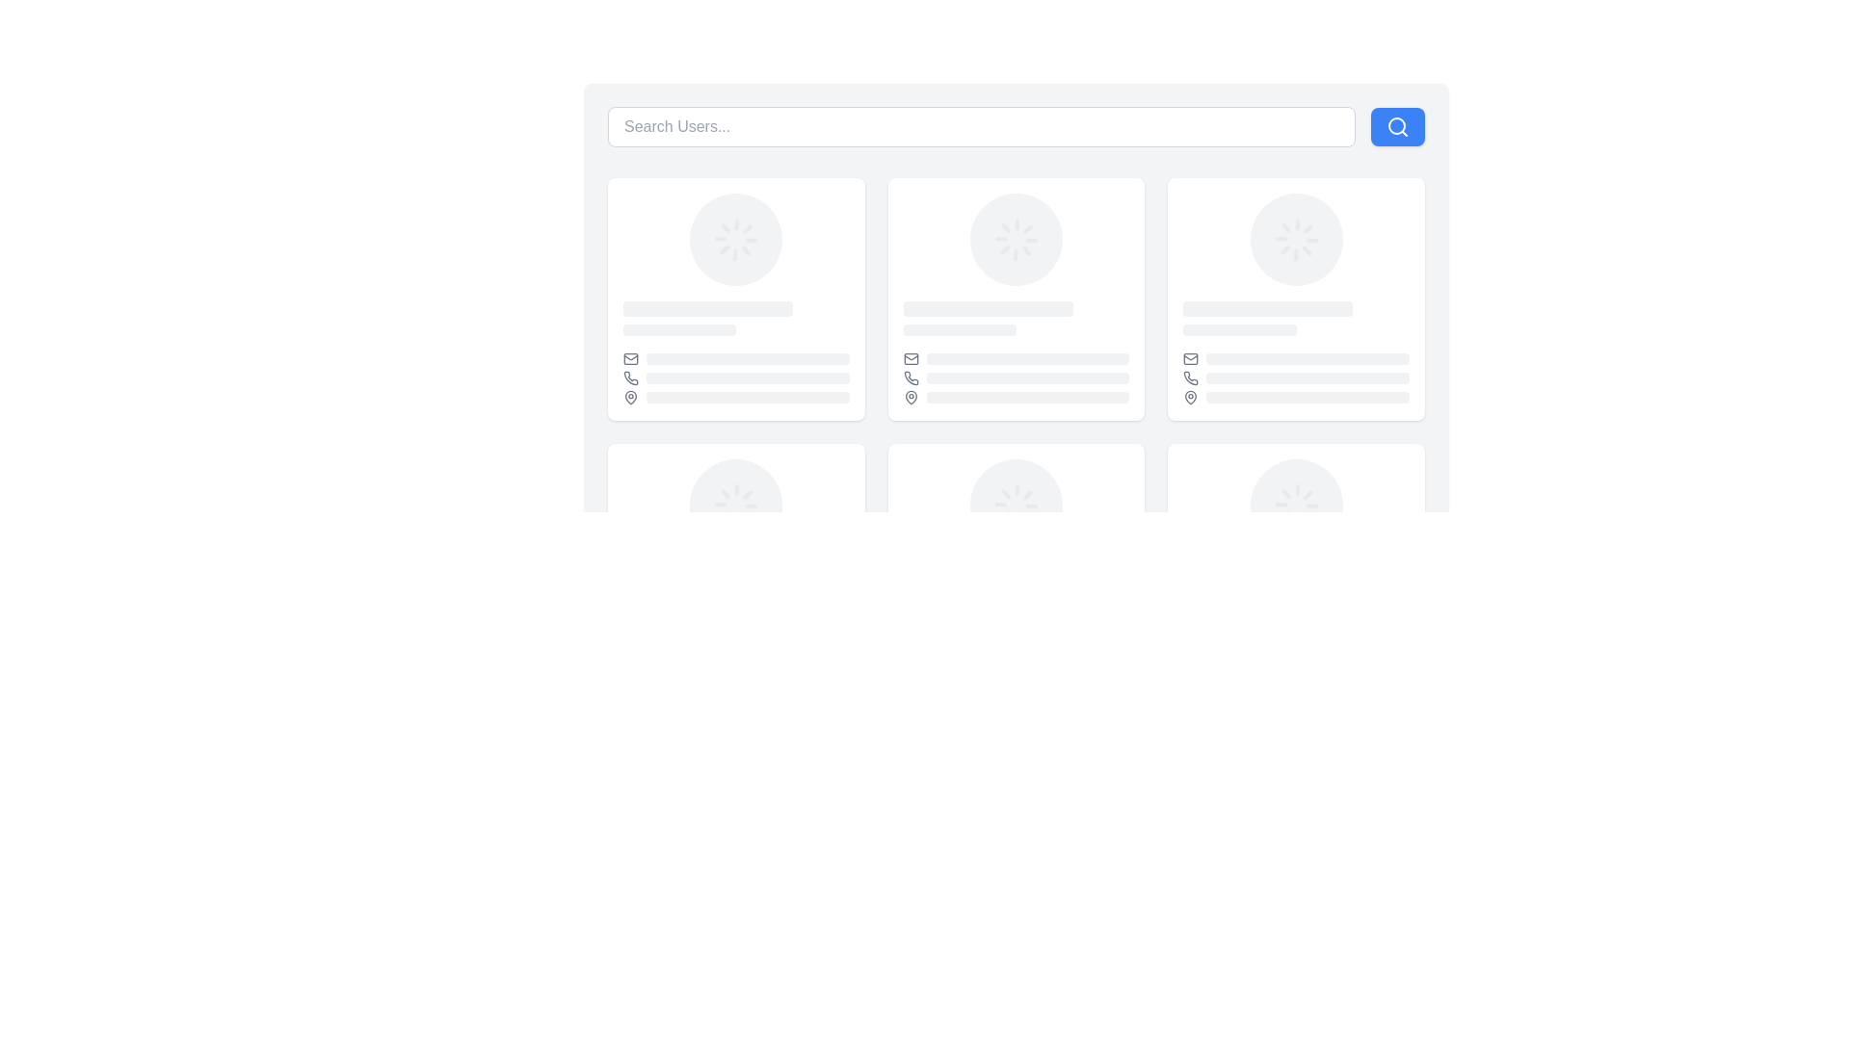 The width and height of the screenshot is (1850, 1040). Describe the element at coordinates (1296, 299) in the screenshot. I see `the third card in the first row of the grid layout, which has a white background and rounded corners` at that location.